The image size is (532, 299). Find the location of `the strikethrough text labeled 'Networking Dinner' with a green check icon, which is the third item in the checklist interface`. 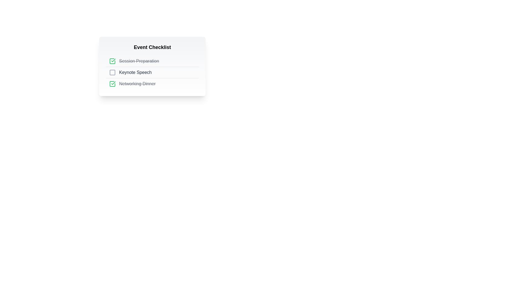

the strikethrough text labeled 'Networking Dinner' with a green check icon, which is the third item in the checklist interface is located at coordinates (152, 84).